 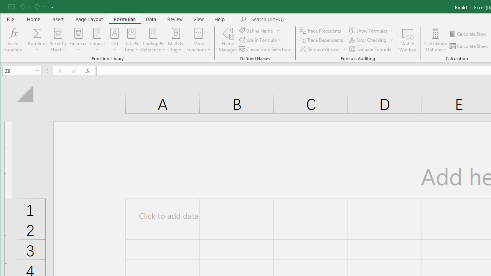 What do you see at coordinates (322, 40) in the screenshot?
I see `'Trace Dependents'` at bounding box center [322, 40].